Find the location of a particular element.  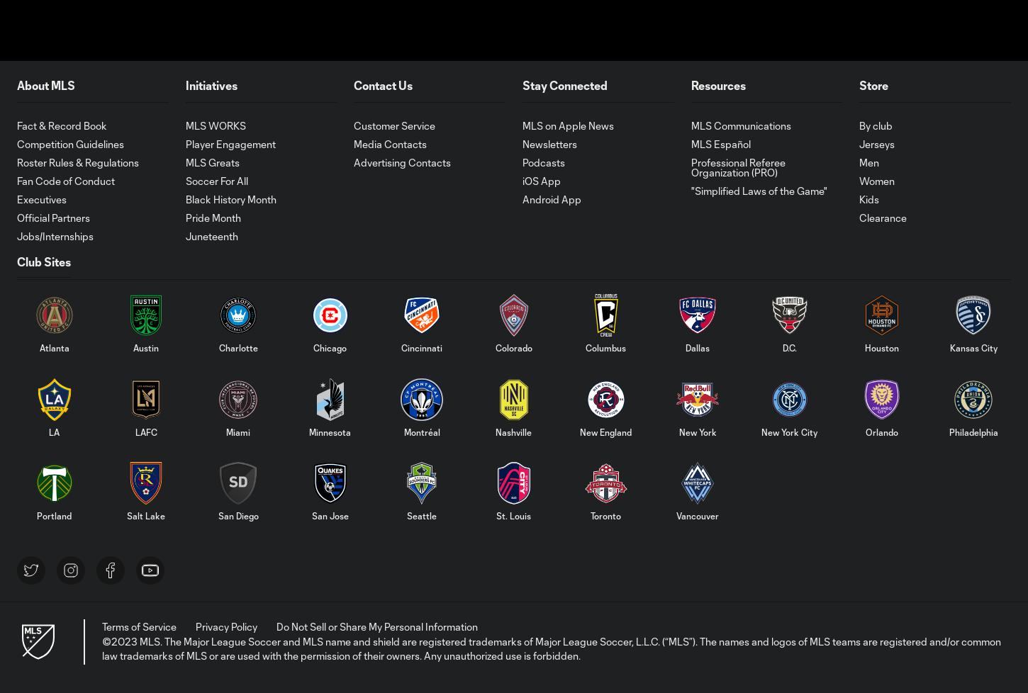

'Competition Guidelines' is located at coordinates (70, 143).